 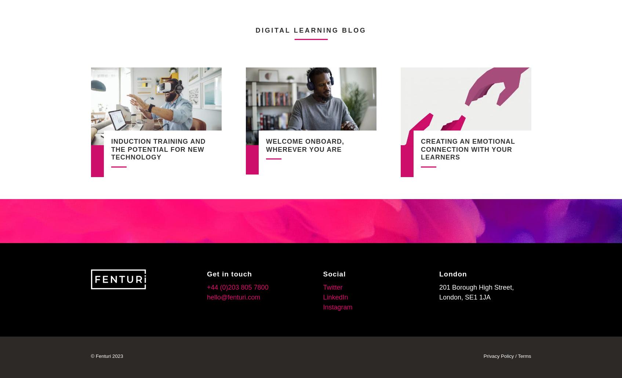 I want to click on 'London', so click(x=453, y=273).